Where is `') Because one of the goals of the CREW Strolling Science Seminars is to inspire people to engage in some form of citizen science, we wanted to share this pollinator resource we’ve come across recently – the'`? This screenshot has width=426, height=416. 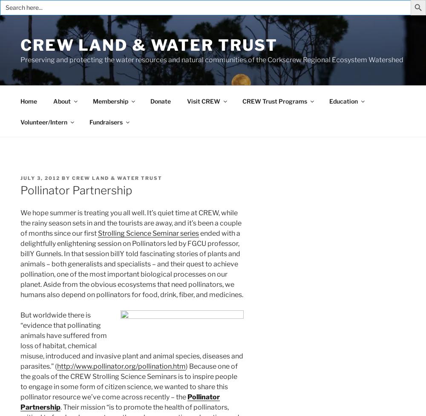 ') Because one of the goals of the CREW Strolling Science Seminars is to inspire people to engage in some form of citizen science, we wanted to share this pollinator resource we’ve come across recently – the' is located at coordinates (20, 381).